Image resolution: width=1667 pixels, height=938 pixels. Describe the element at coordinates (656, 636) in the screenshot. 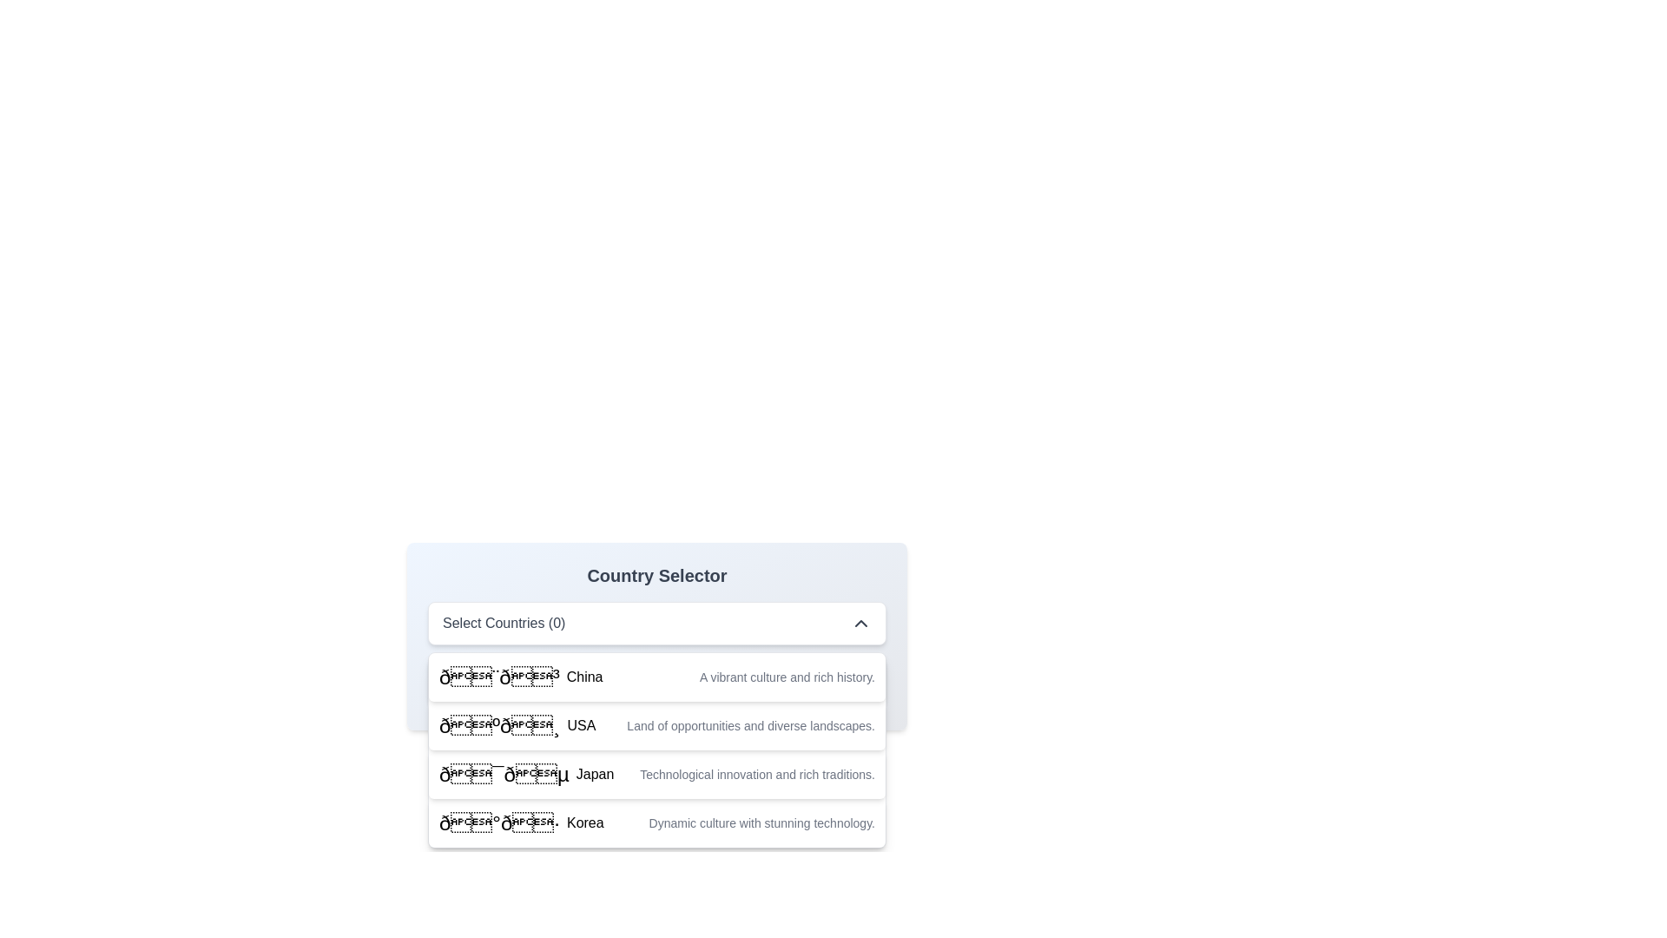

I see `the 'Select Countries (0)' dropdown menu header, which is embedded in the 'Country Selector' card and features a chevron icon for dropdown functionality` at that location.